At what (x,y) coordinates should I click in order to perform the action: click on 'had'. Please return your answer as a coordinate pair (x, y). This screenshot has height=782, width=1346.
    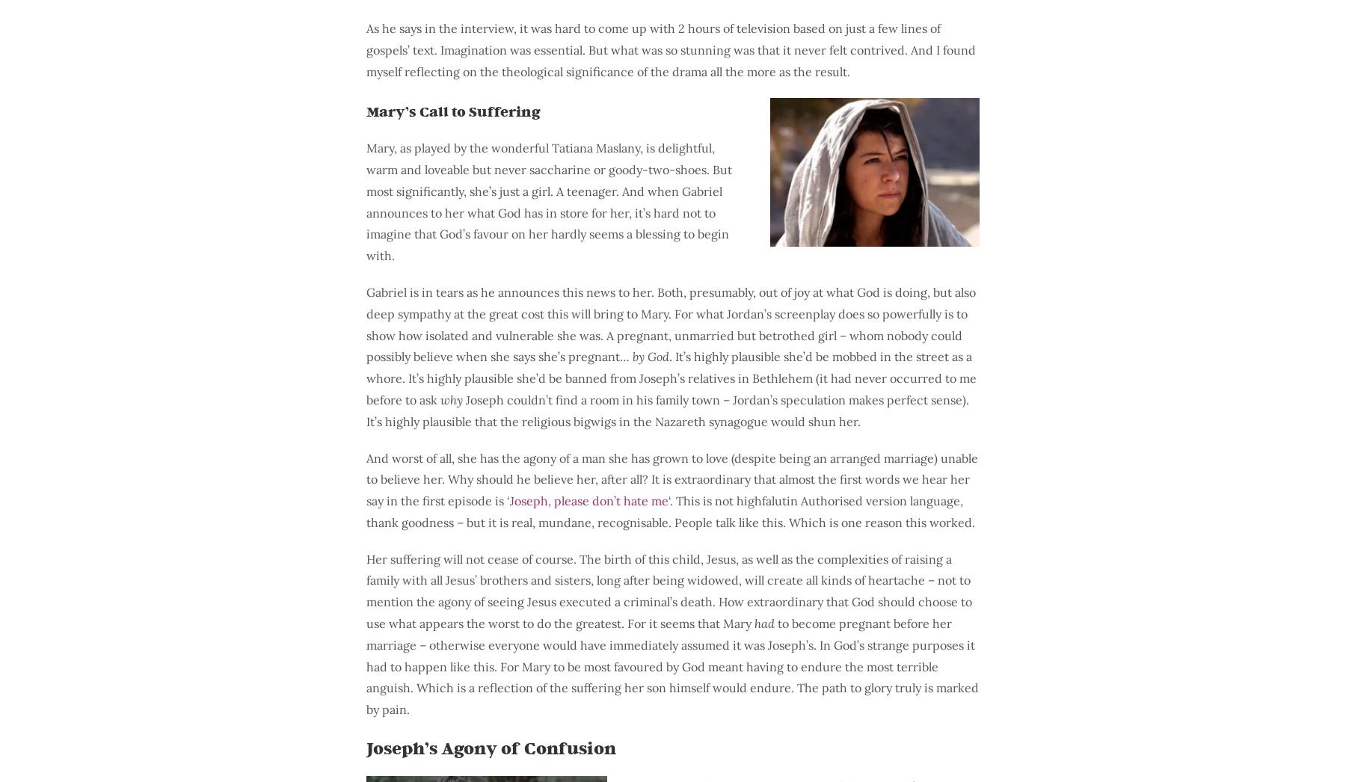
    Looking at the image, I should click on (764, 623).